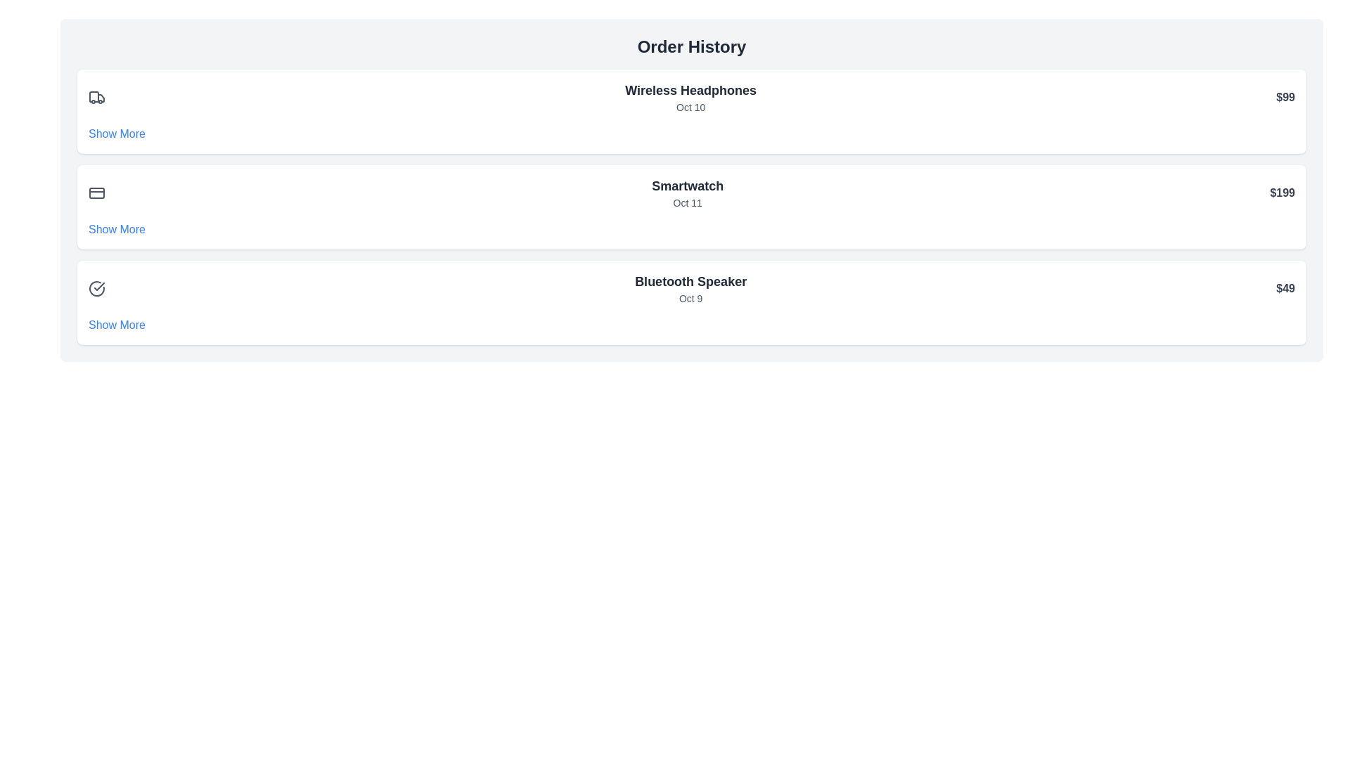 The image size is (1350, 759). Describe the element at coordinates (96, 193) in the screenshot. I see `the small rectangular graphic that is part of the credit card icon located in the second item of the vertical list, to the left of the text 'Smartwatch'` at that location.